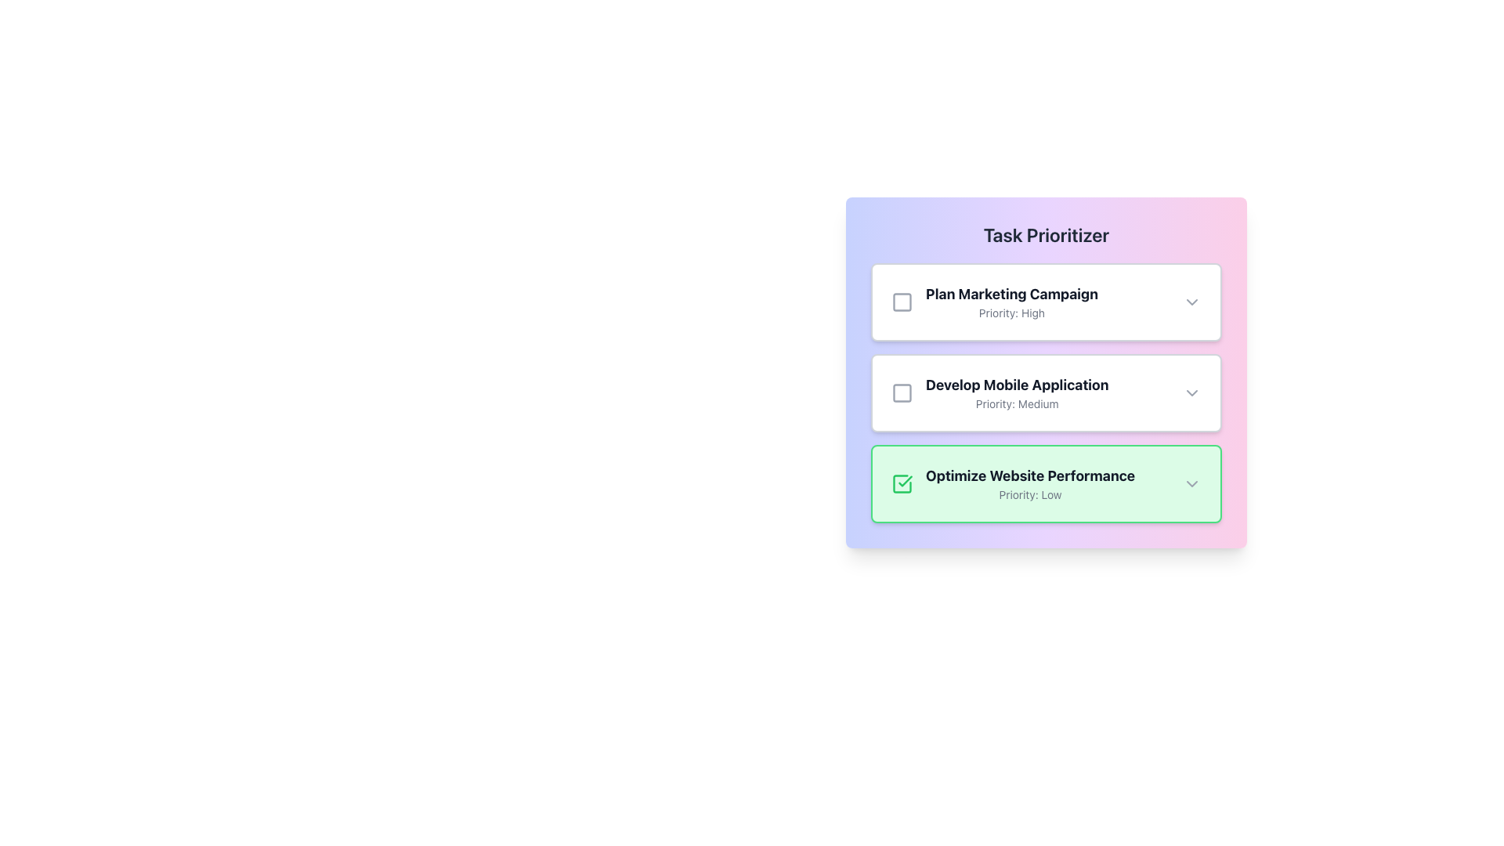 The height and width of the screenshot is (846, 1504). What do you see at coordinates (1030, 483) in the screenshot?
I see `the text label displaying the task title and priority level, which is the third item in the task list under 'Task Prioritizer'` at bounding box center [1030, 483].